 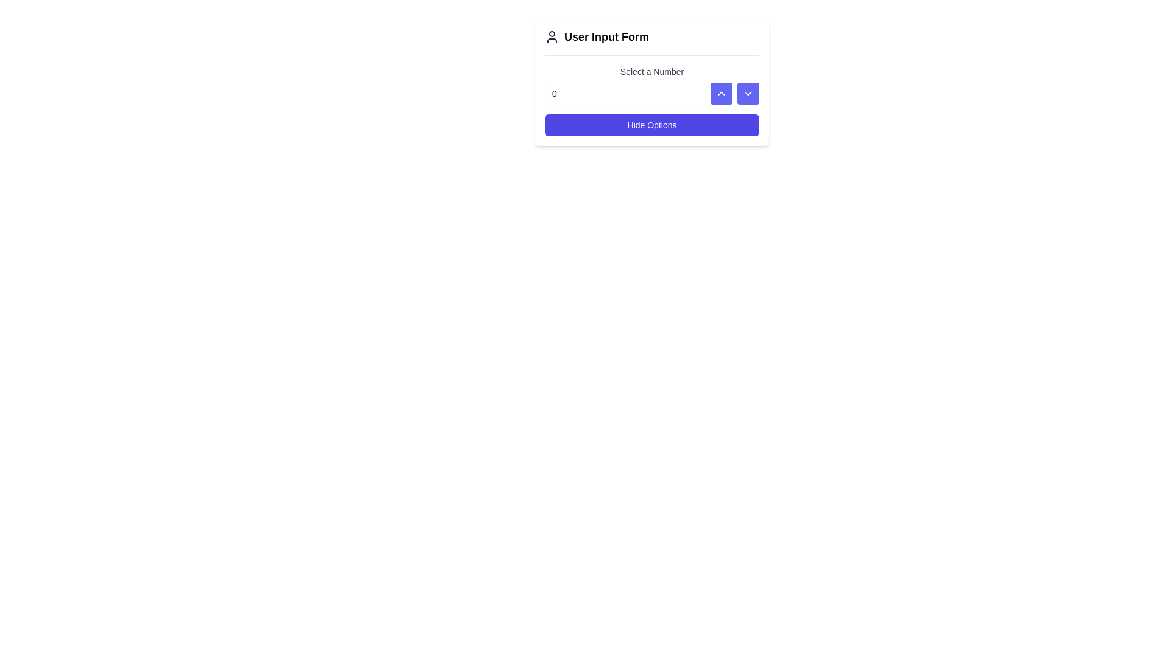 What do you see at coordinates (552, 36) in the screenshot?
I see `user profile icon located to the left of the 'User Input Form' text for further styling or accessibility details` at bounding box center [552, 36].